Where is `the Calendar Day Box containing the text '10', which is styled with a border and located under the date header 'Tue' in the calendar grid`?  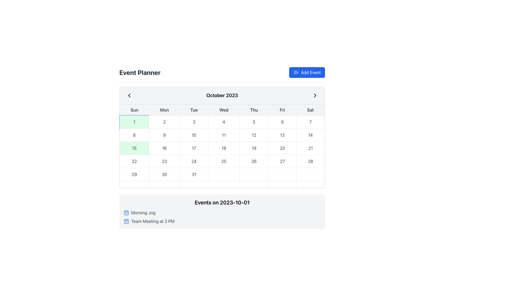 the Calendar Day Box containing the text '10', which is styled with a border and located under the date header 'Tue' in the calendar grid is located at coordinates (194, 135).